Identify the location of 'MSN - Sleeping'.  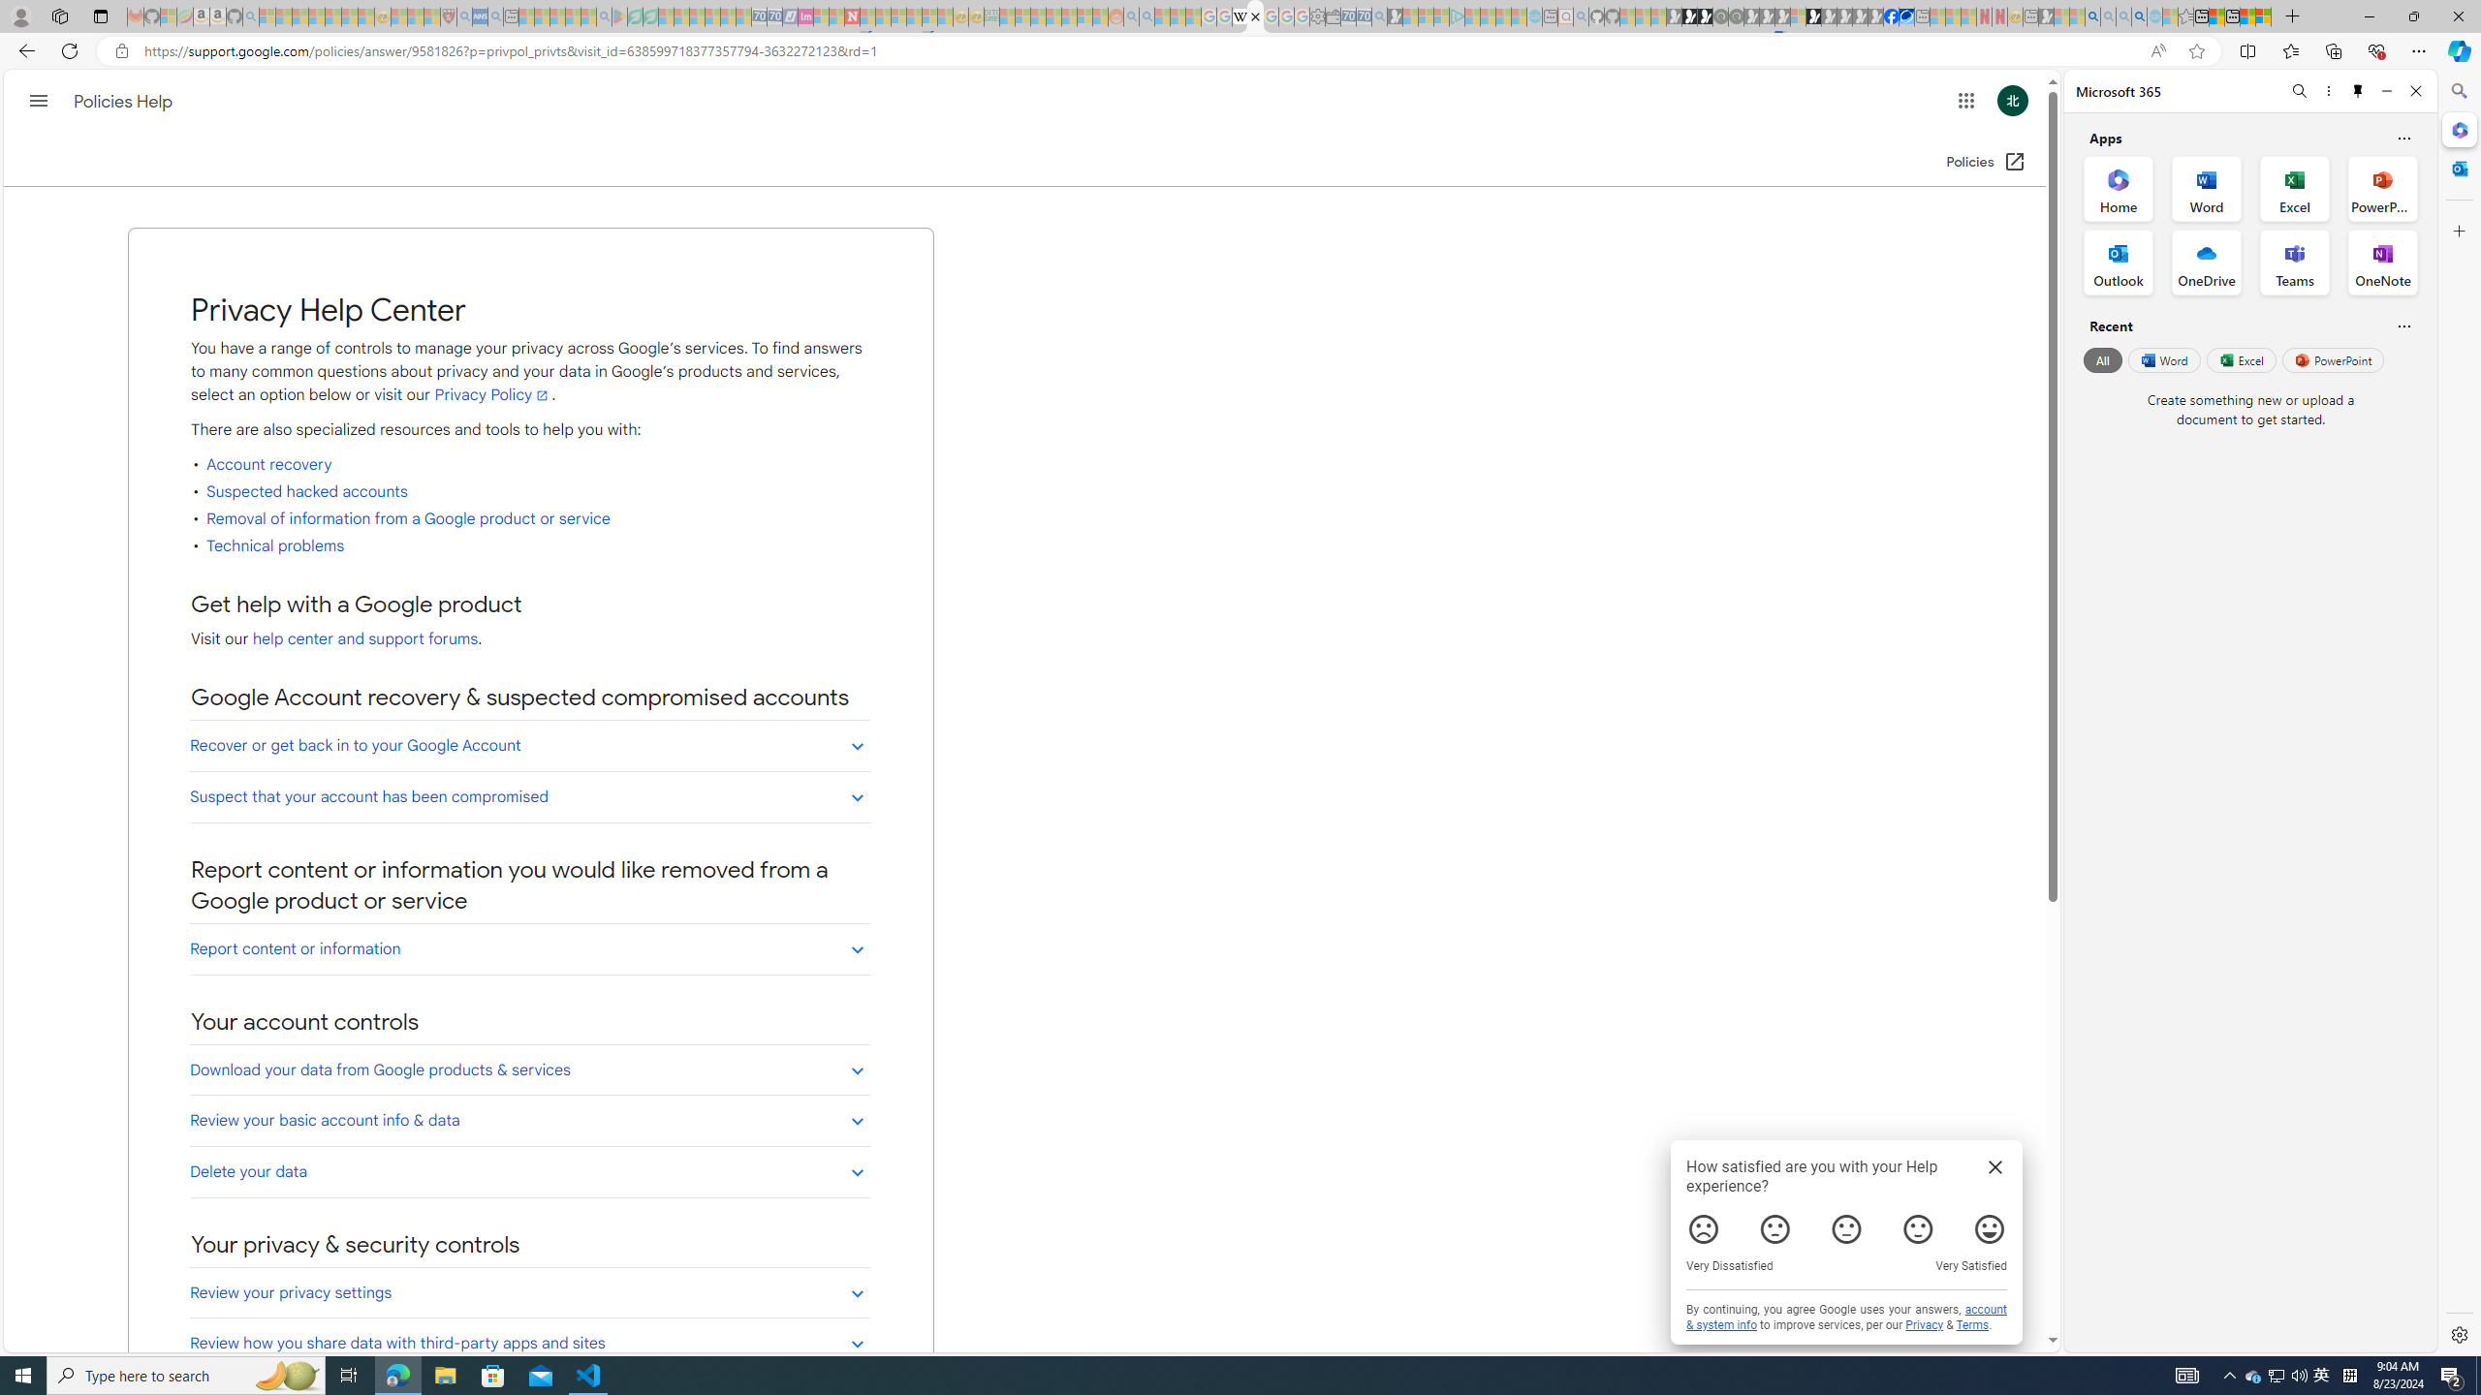
(2044, 15).